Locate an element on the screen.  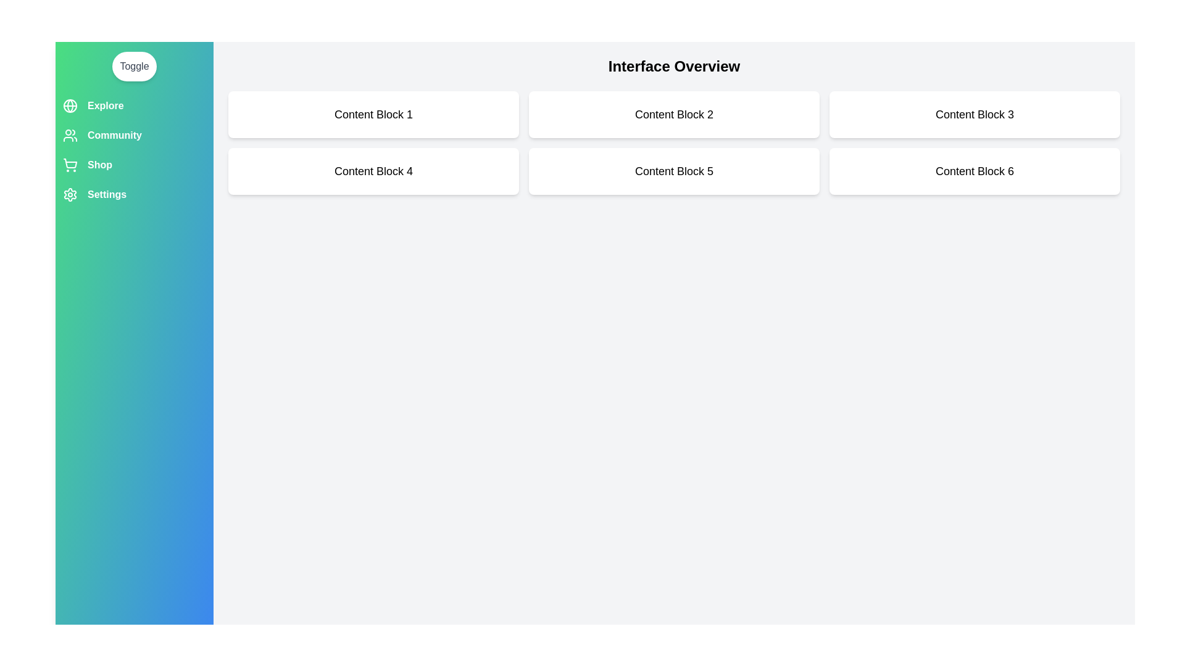
the menu option labeled Shop is located at coordinates (134, 164).